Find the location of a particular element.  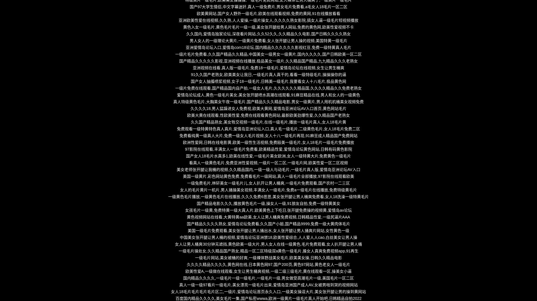

'百度国内精品久久久久,美女毛片一集,国产私密wwwa,欧洲一级黄片一级毛片真人开始吧,日韩精品自拍2022' is located at coordinates (268, 298).